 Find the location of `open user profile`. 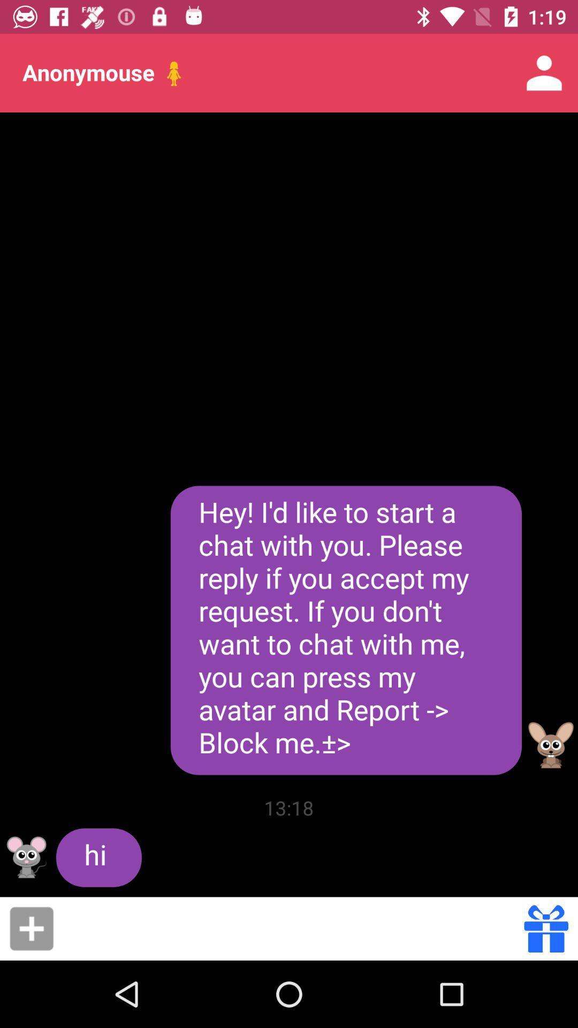

open user profile is located at coordinates (26, 857).